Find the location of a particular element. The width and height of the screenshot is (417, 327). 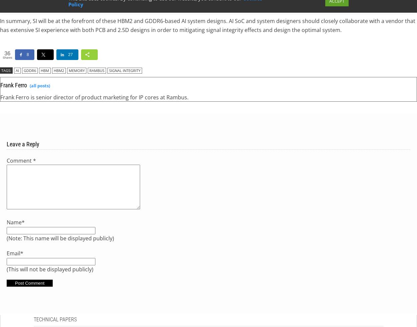

'signal integrity' is located at coordinates (124, 70).